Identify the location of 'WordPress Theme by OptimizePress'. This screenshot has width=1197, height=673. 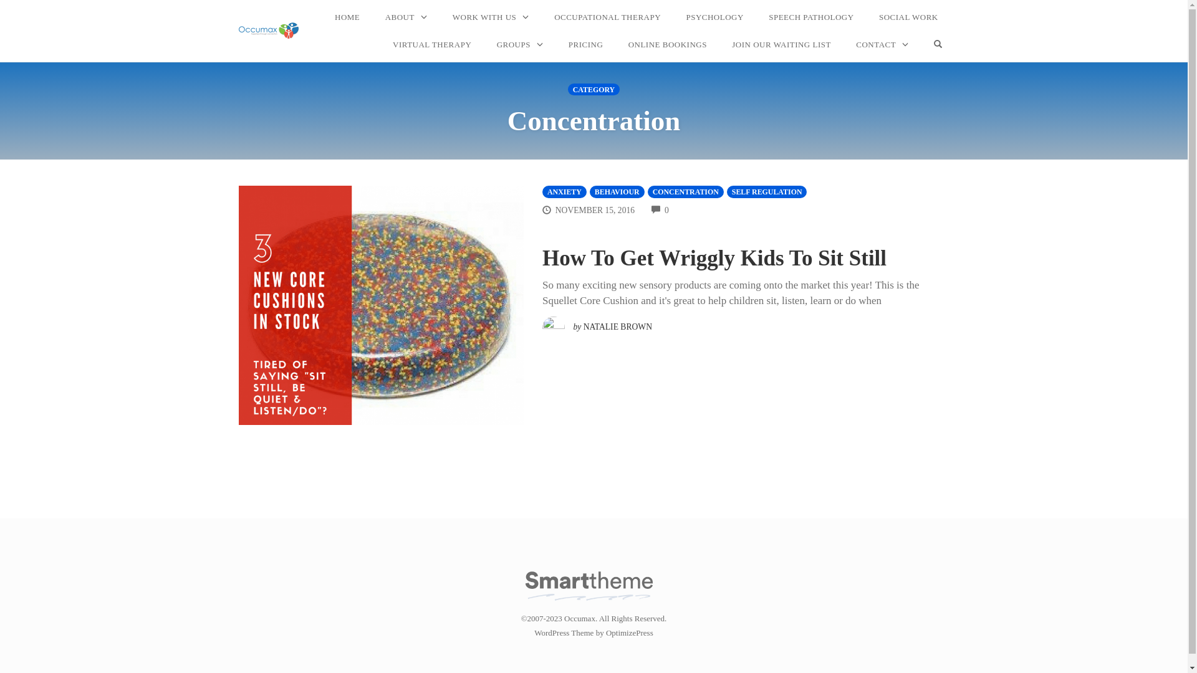
(534, 632).